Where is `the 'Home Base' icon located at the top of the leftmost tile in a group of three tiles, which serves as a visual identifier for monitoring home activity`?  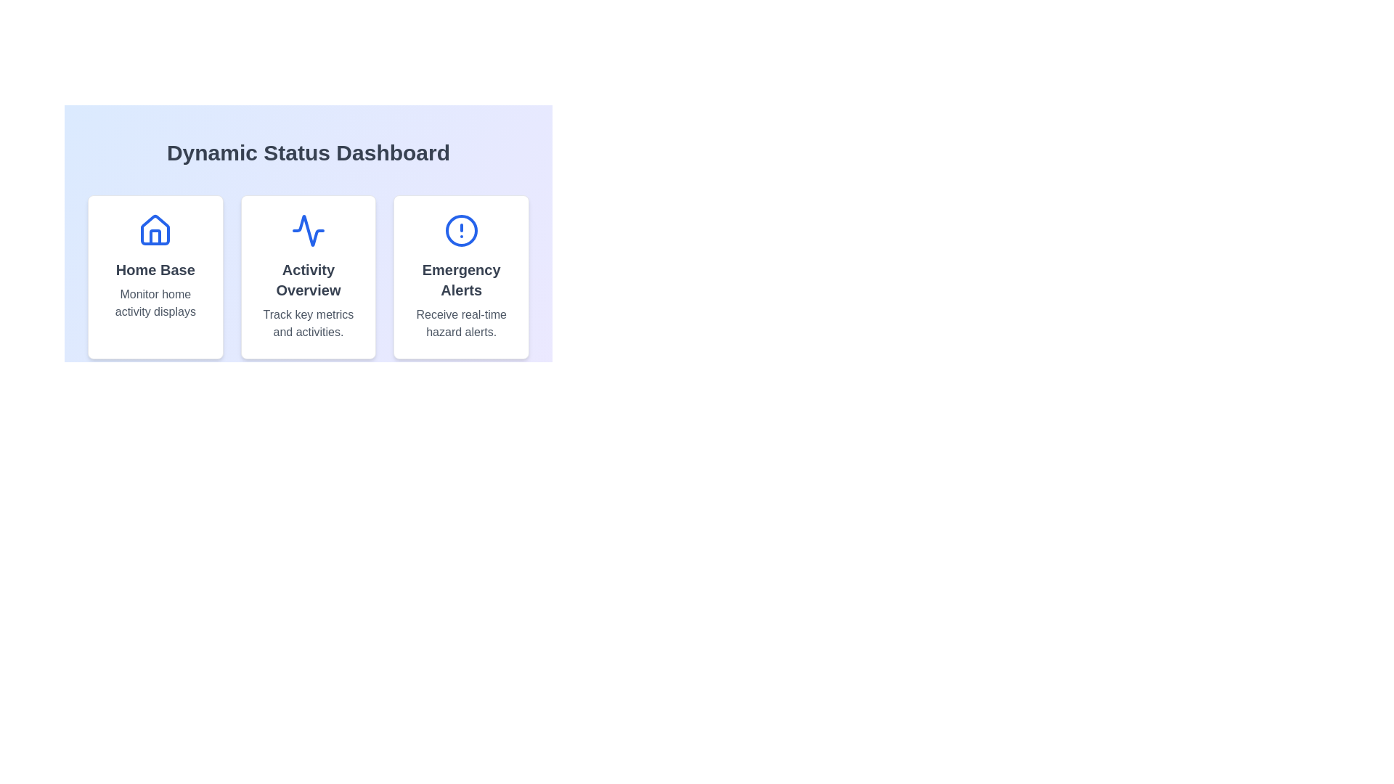
the 'Home Base' icon located at the top of the leftmost tile in a group of three tiles, which serves as a visual identifier for monitoring home activity is located at coordinates (155, 229).